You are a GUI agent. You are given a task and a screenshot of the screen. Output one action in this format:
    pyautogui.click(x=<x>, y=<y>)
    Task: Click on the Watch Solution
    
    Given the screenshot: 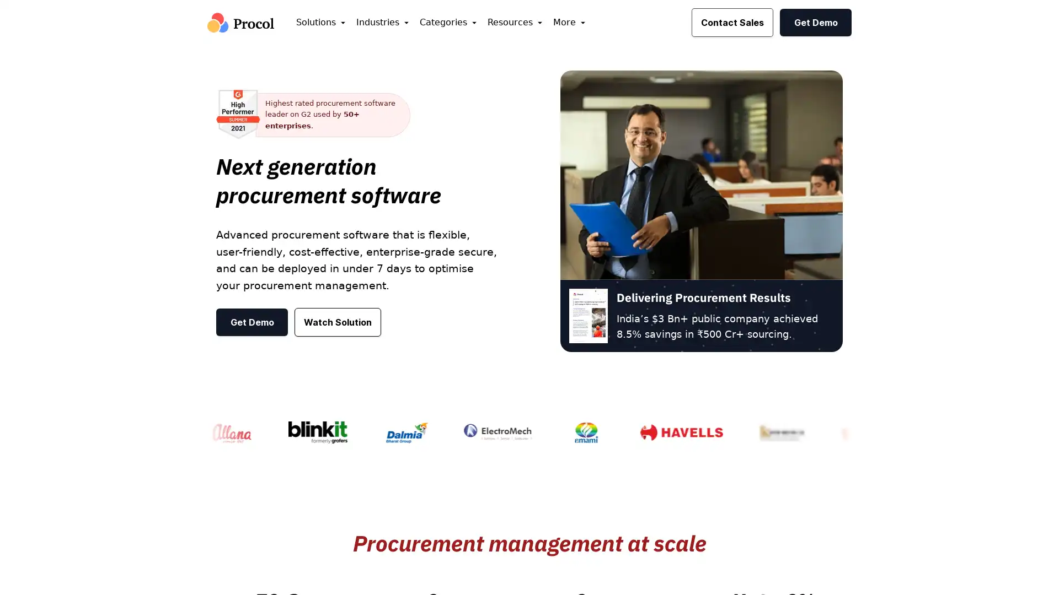 What is the action you would take?
    pyautogui.click(x=337, y=321)
    